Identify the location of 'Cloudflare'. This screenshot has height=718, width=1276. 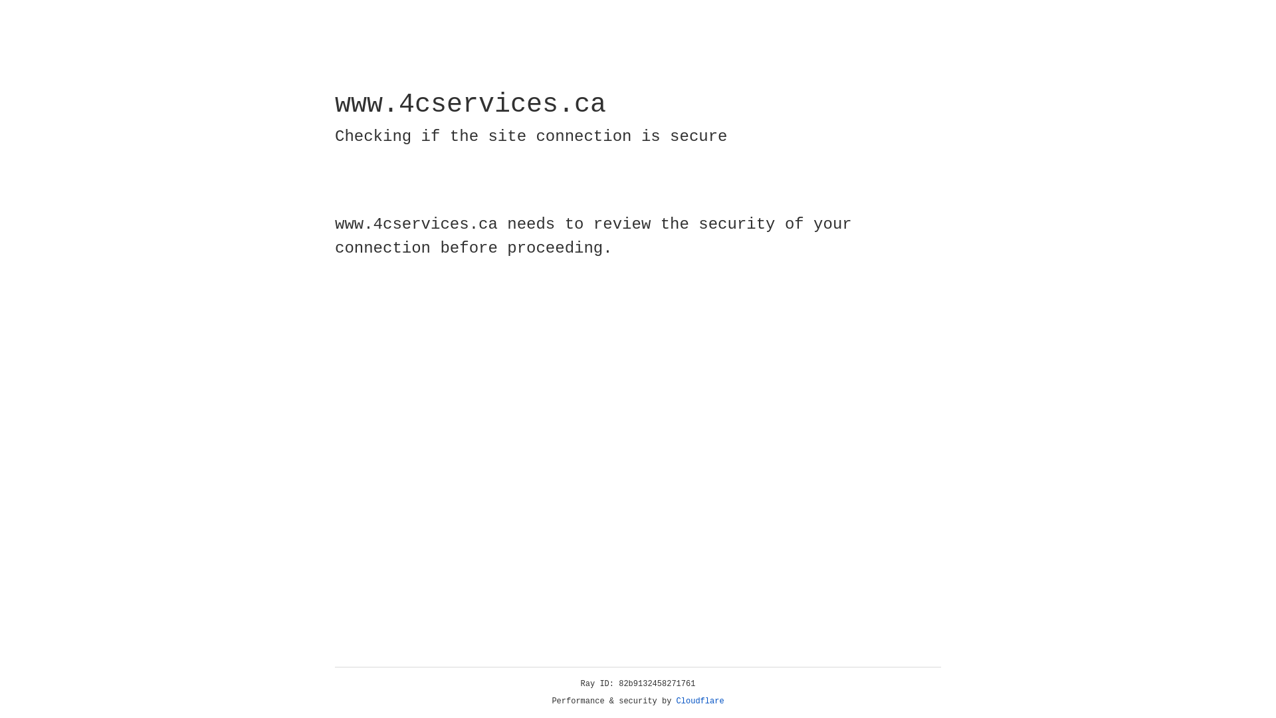
(676, 701).